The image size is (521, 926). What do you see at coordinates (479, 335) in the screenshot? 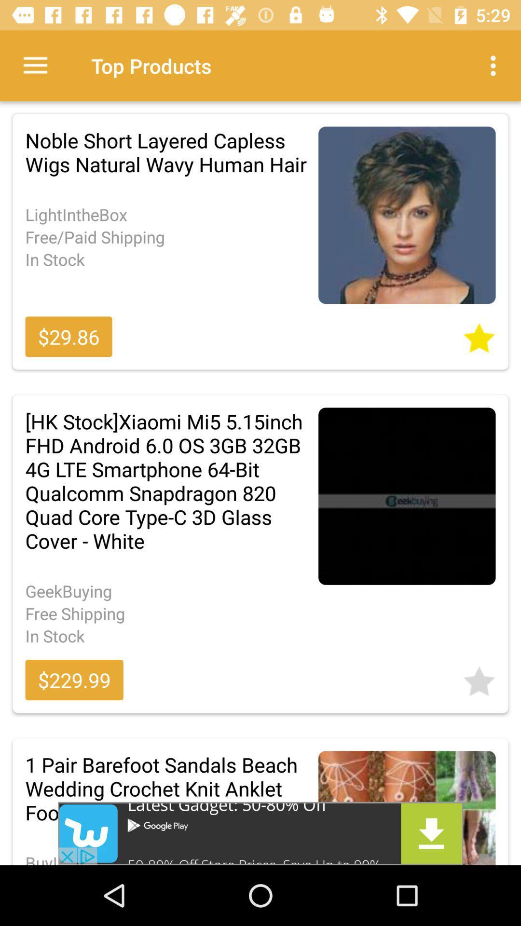
I see `bookmark` at bounding box center [479, 335].